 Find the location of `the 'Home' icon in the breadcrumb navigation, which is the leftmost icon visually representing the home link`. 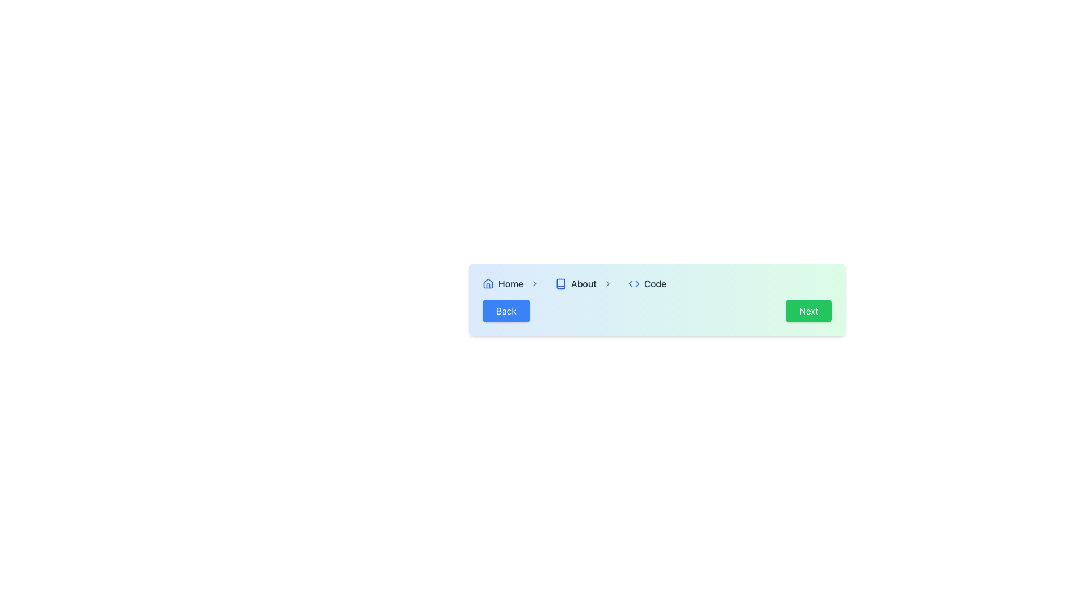

the 'Home' icon in the breadcrumb navigation, which is the leftmost icon visually representing the home link is located at coordinates (488, 283).